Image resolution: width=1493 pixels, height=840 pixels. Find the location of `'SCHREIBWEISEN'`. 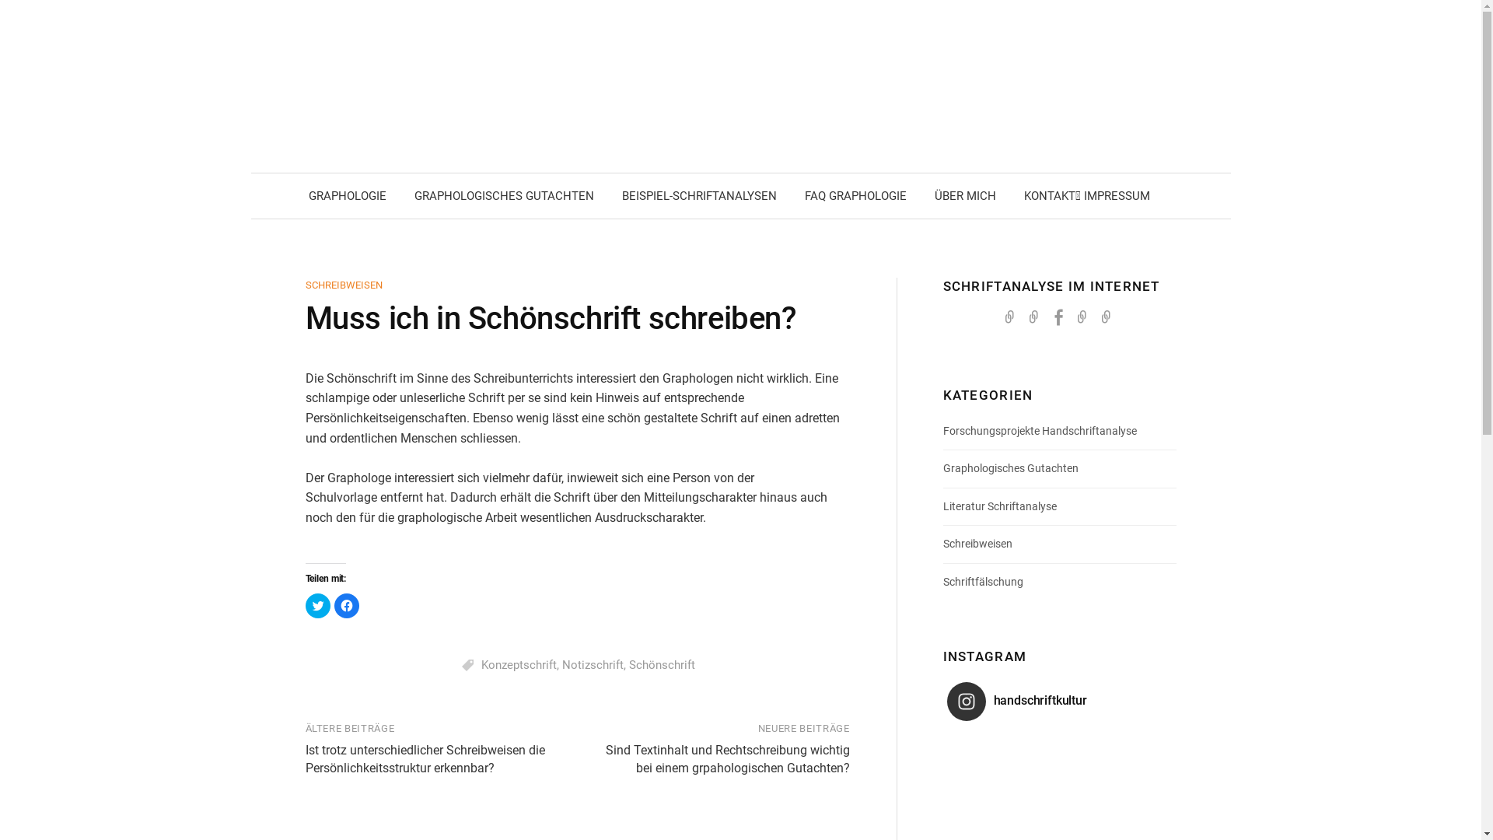

'SCHREIBWEISEN' is located at coordinates (342, 285).